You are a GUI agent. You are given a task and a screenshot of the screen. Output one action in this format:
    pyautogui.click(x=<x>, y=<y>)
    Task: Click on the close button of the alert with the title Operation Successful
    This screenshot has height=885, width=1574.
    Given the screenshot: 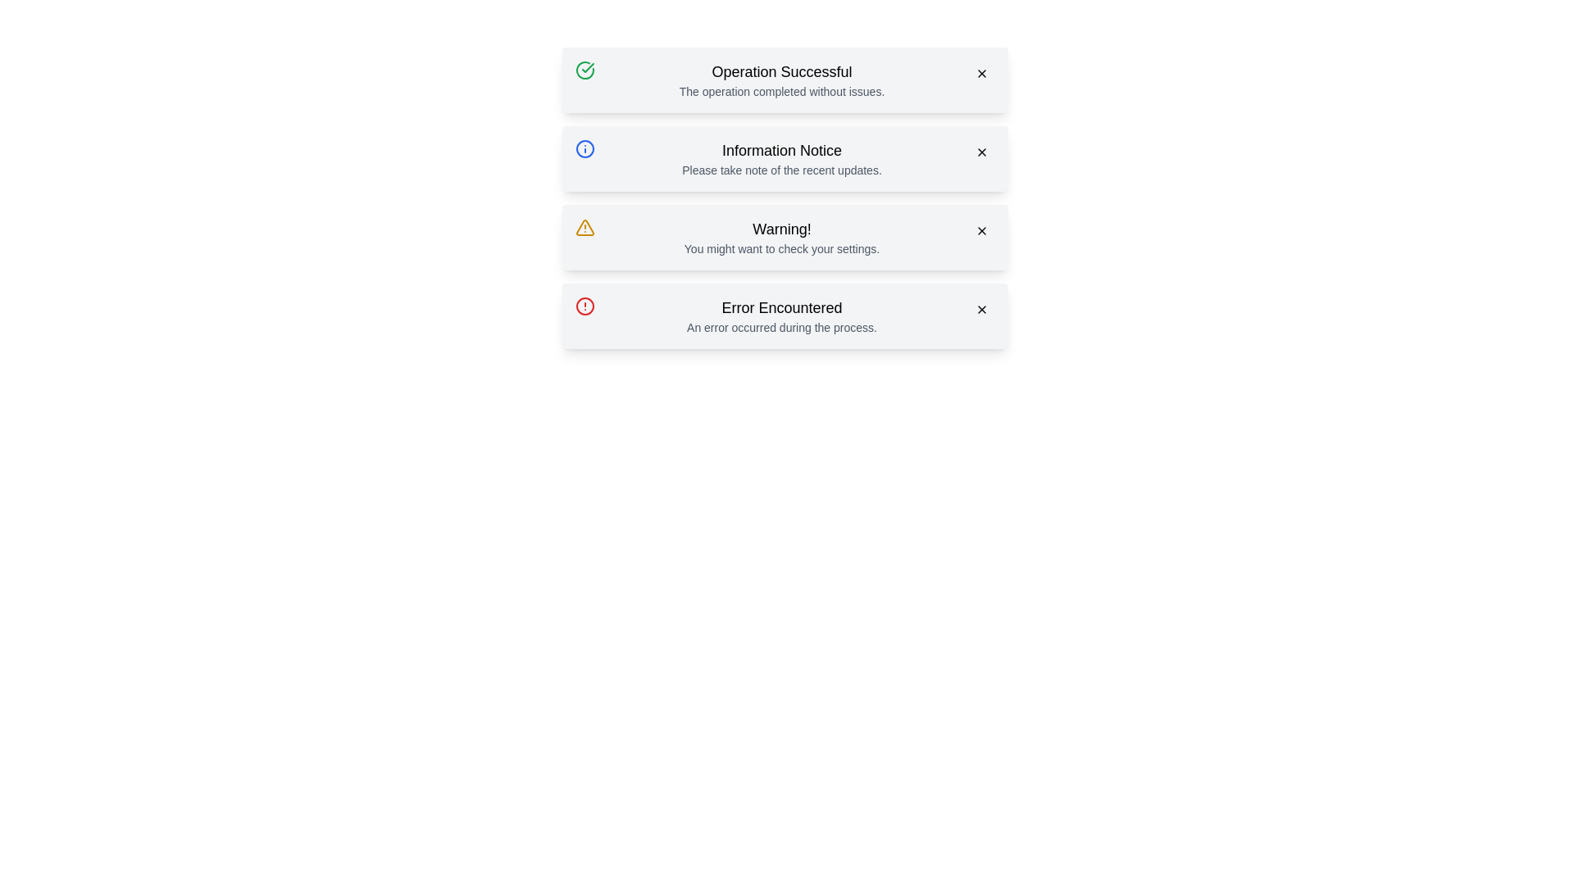 What is the action you would take?
    pyautogui.click(x=982, y=72)
    